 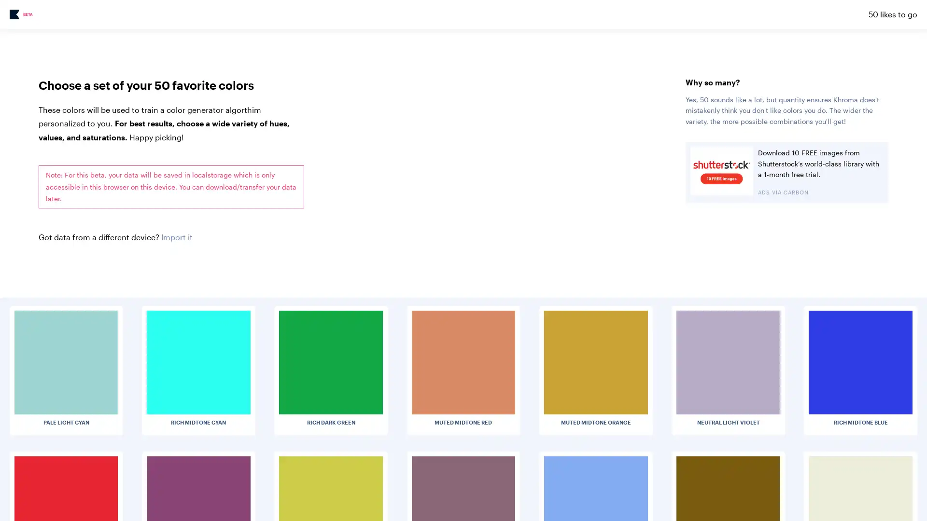 What do you see at coordinates (185, 238) in the screenshot?
I see `Choose File` at bounding box center [185, 238].